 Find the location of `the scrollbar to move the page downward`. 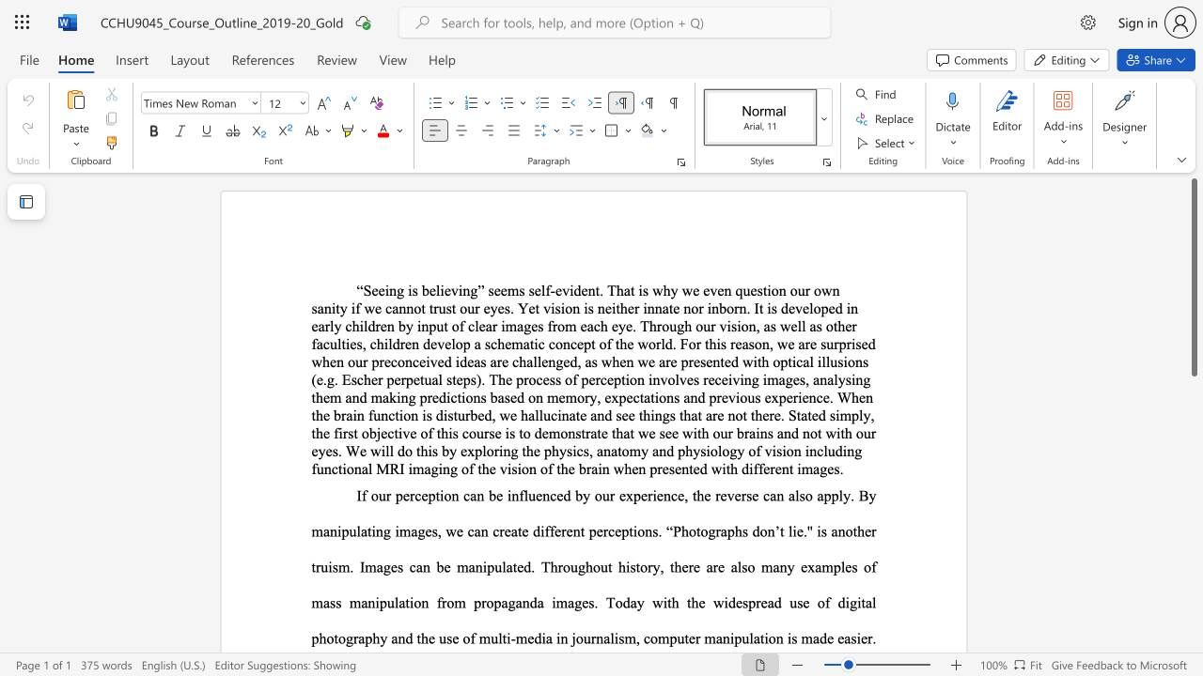

the scrollbar to move the page downward is located at coordinates (1193, 646).